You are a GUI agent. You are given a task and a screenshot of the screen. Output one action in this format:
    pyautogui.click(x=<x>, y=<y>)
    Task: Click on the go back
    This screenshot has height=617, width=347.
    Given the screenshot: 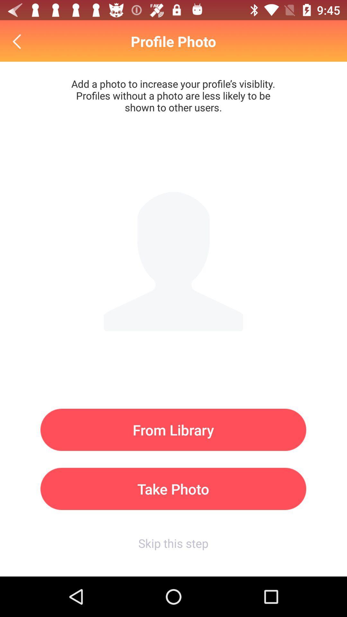 What is the action you would take?
    pyautogui.click(x=18, y=41)
    